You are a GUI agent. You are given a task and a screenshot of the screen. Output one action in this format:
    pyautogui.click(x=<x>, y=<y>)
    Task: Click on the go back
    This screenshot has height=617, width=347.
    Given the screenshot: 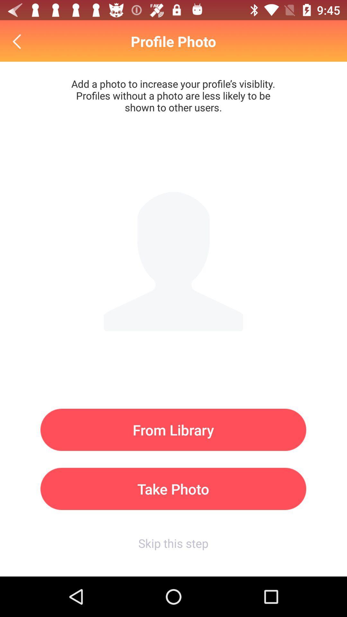 What is the action you would take?
    pyautogui.click(x=18, y=41)
    